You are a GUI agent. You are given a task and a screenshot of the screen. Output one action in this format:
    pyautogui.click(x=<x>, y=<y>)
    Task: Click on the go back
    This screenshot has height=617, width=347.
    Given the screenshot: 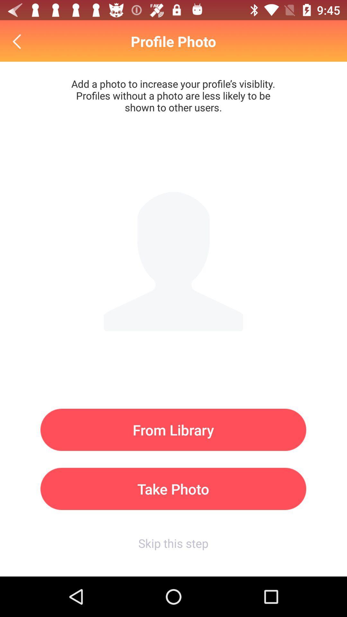 What is the action you would take?
    pyautogui.click(x=18, y=41)
    